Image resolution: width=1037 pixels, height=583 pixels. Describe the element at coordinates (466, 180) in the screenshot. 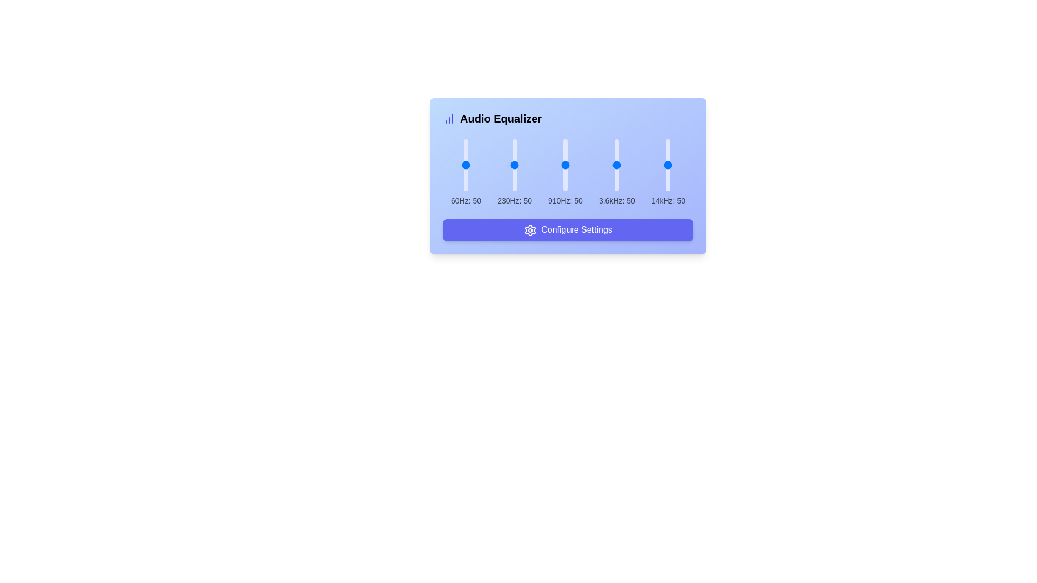

I see `the 60Hz frequency slider` at that location.